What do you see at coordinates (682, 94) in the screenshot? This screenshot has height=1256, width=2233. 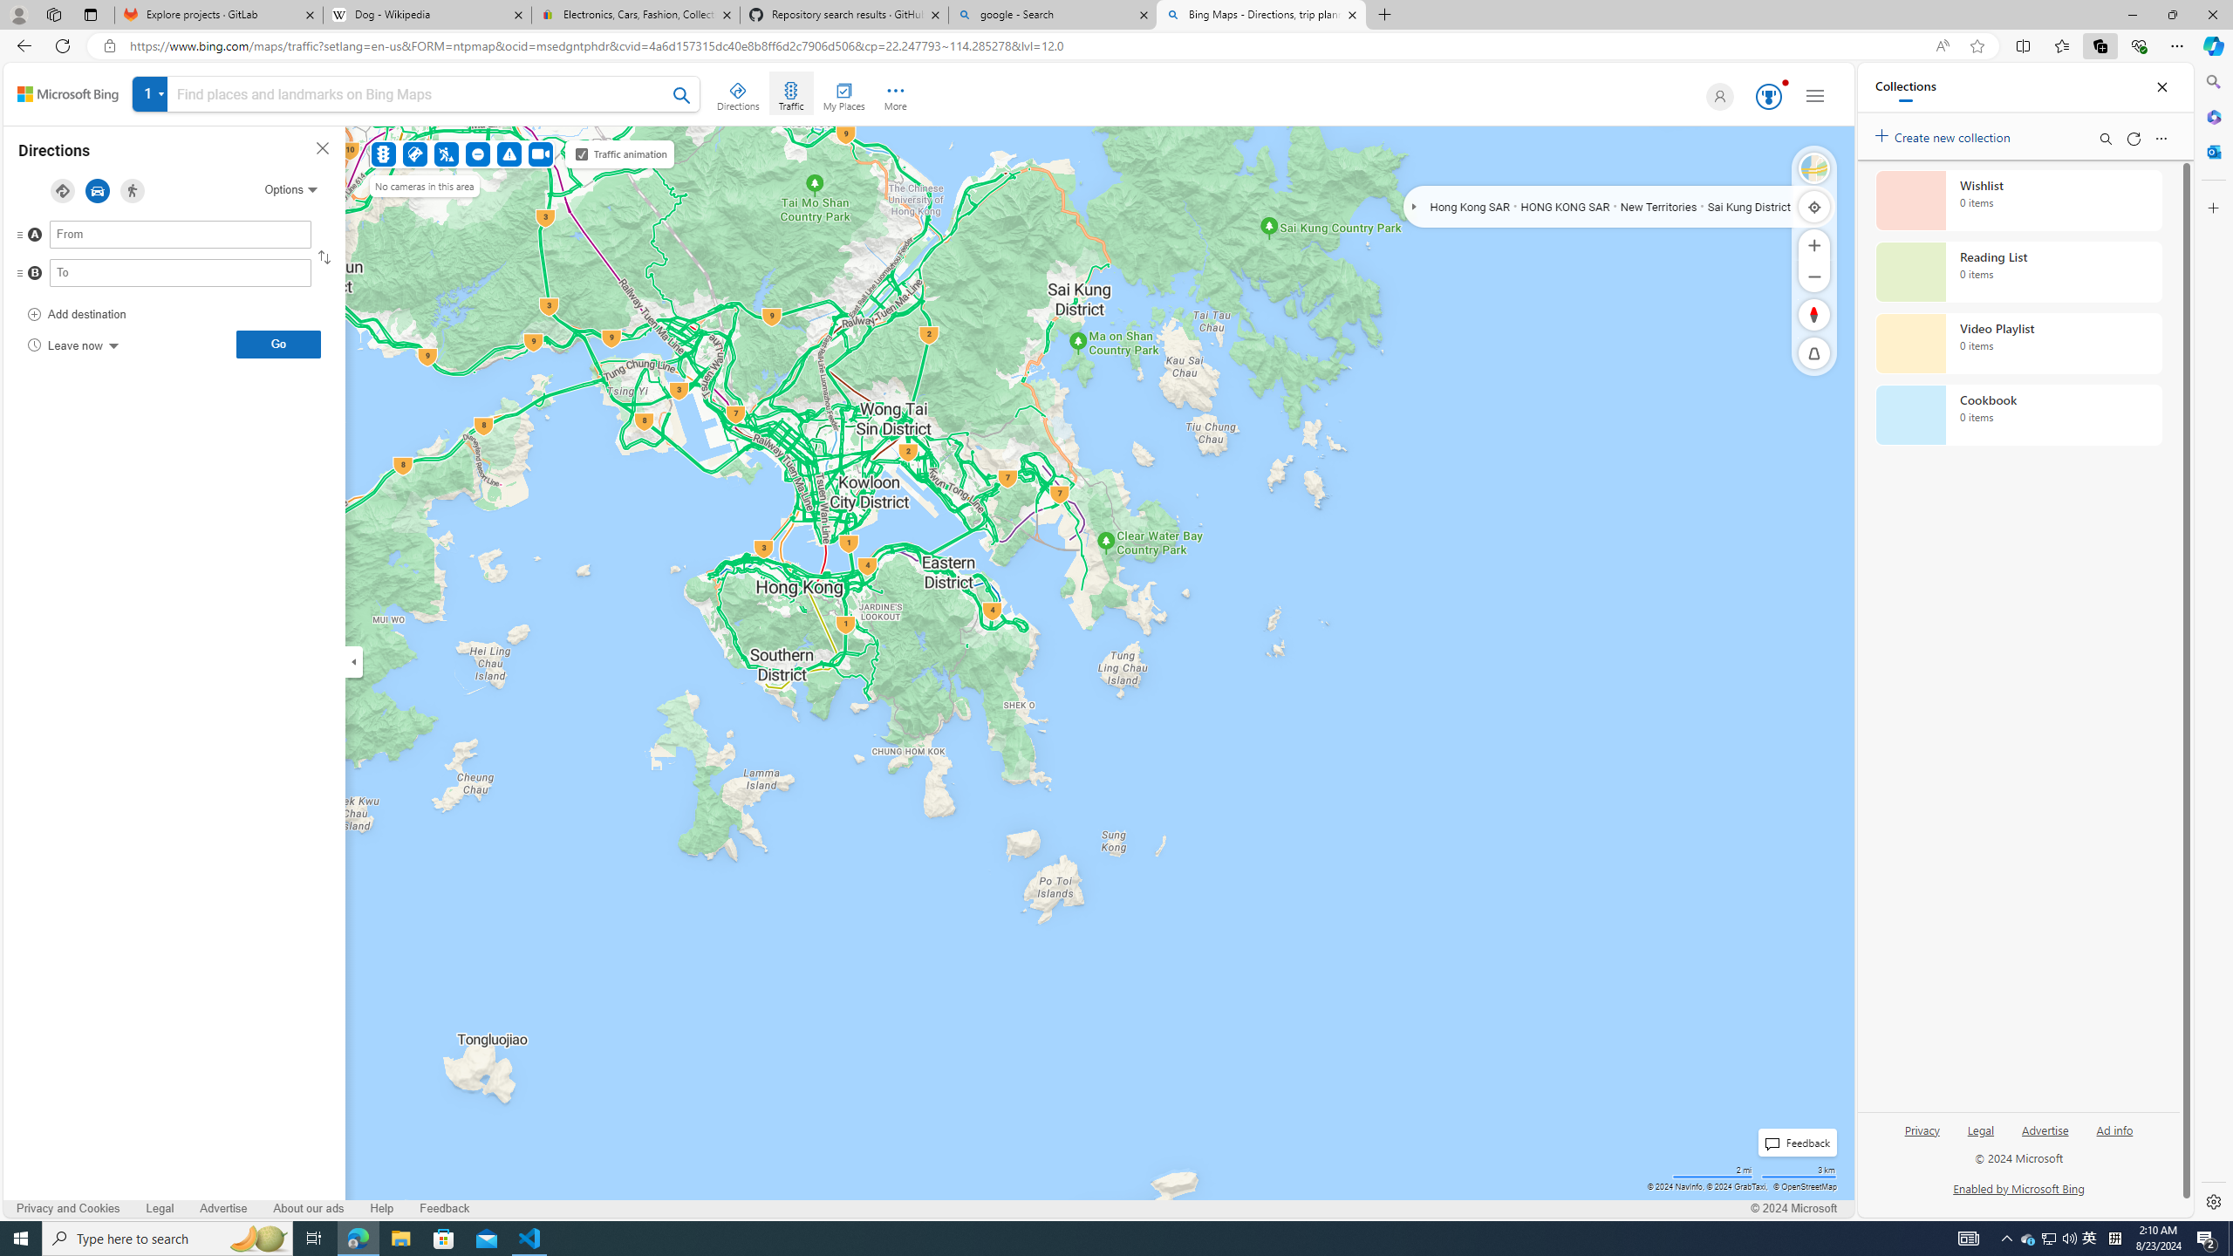 I see `'Search Bing Maps'` at bounding box center [682, 94].